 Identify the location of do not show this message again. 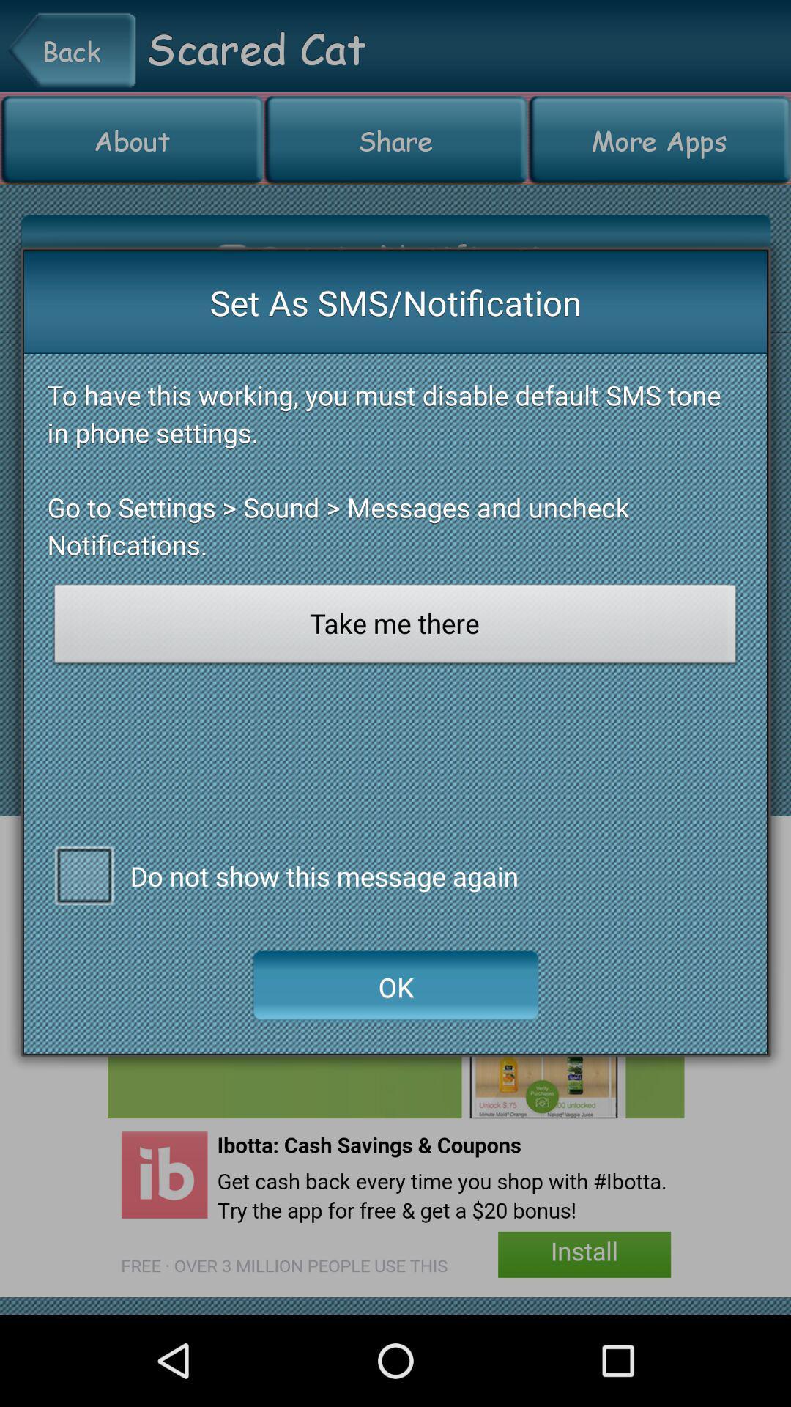
(83, 874).